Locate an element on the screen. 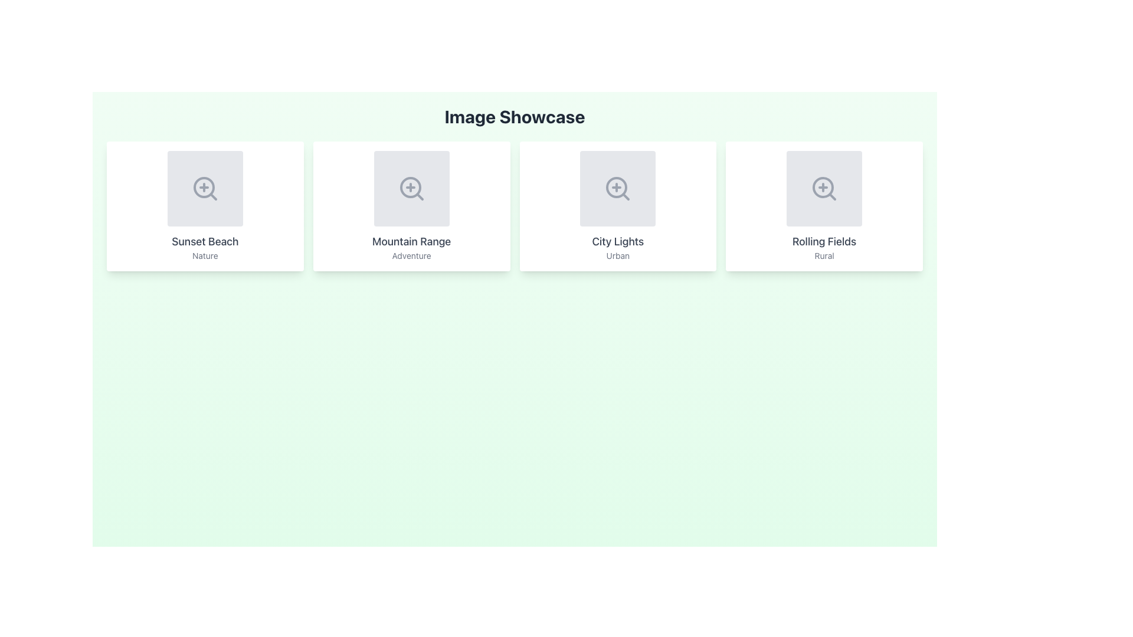 The image size is (1133, 637). the text label 'Mountain Range' which serves as the title for the second image card in the horizontal row is located at coordinates (411, 241).